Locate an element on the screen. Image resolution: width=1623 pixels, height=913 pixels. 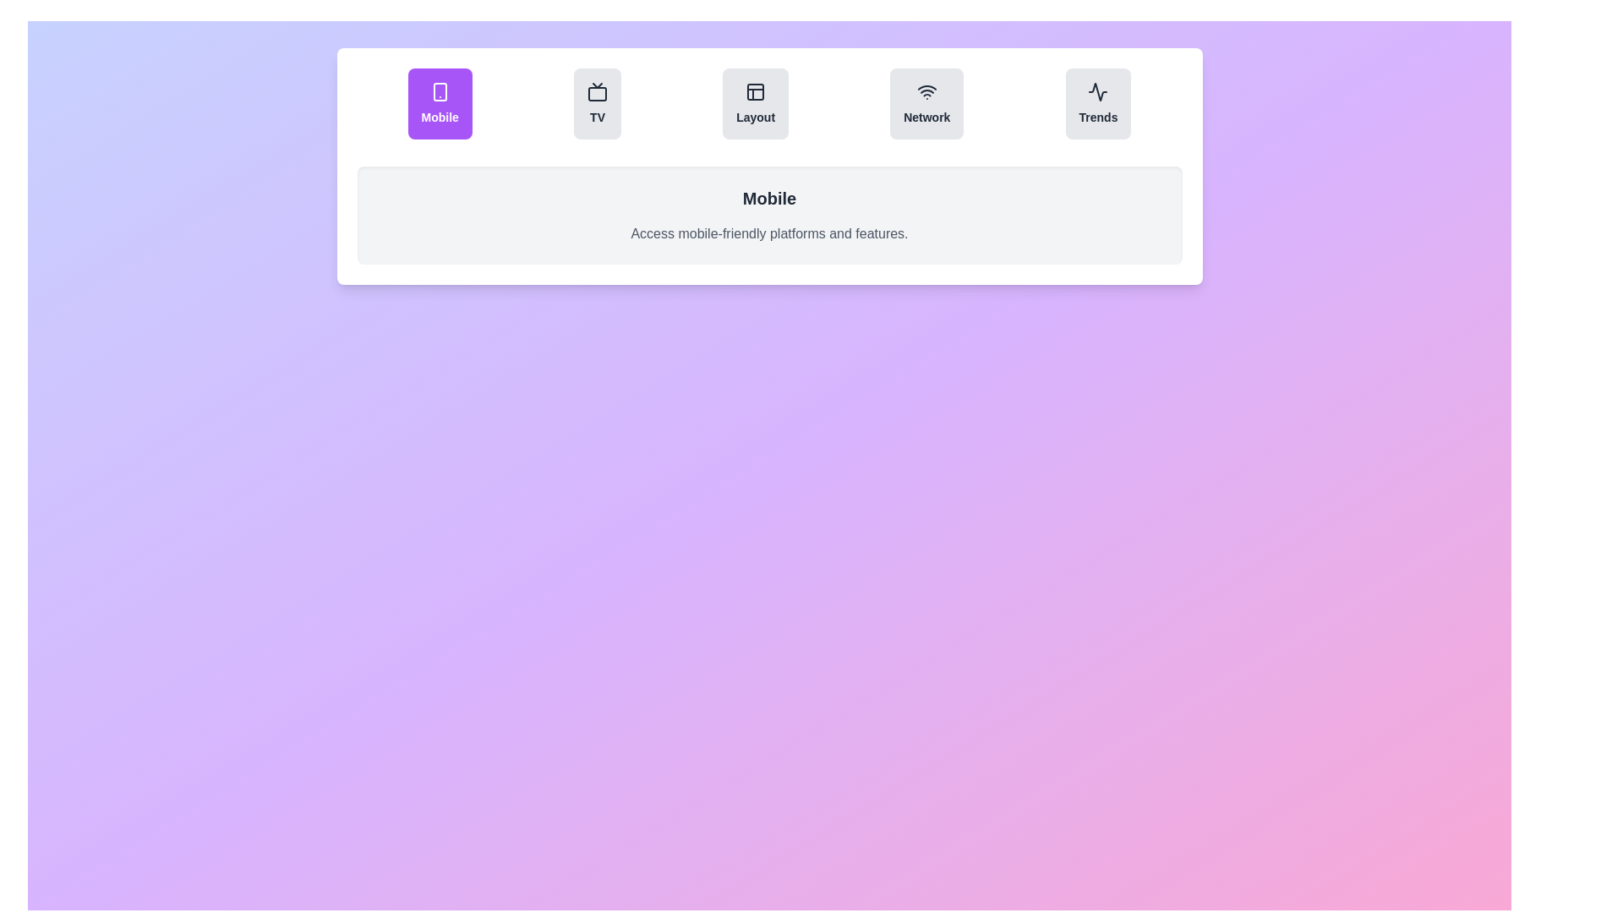
the navigation bar or category selector located at the top of the white card-like box for accessibility navigation is located at coordinates (768, 104).